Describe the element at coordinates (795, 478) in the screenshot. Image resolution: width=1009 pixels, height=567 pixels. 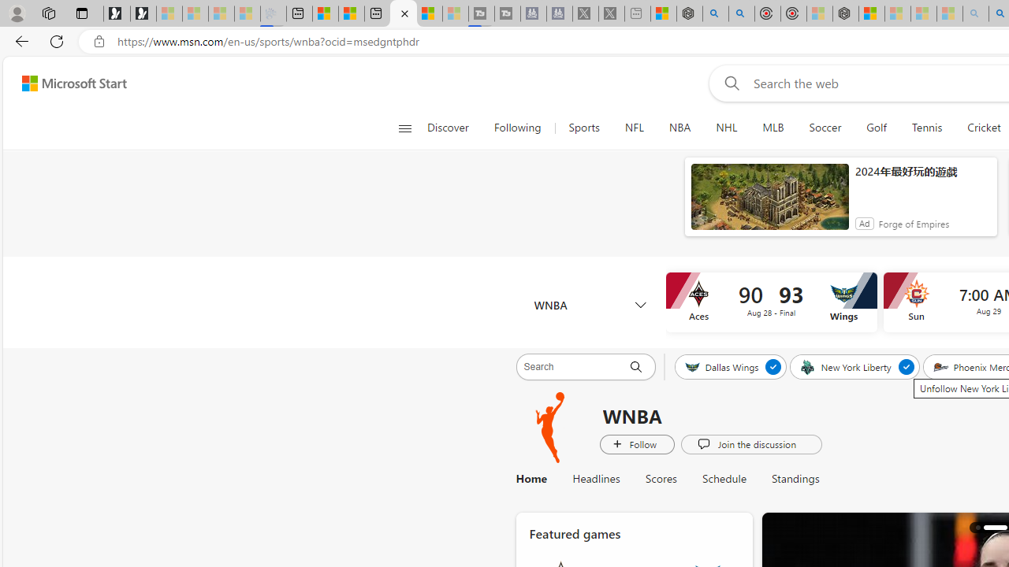
I see `'Standings'` at that location.